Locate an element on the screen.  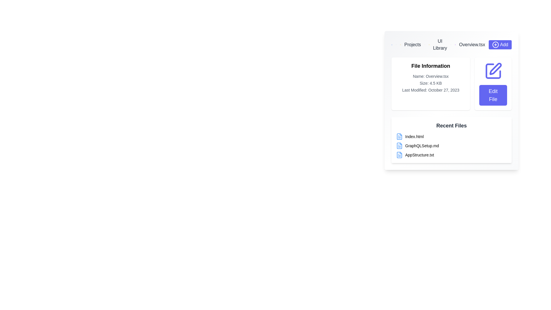
the 'Add' button located at the top-right corner of the interface, which has a blue-purple background and white text is located at coordinates (500, 44).